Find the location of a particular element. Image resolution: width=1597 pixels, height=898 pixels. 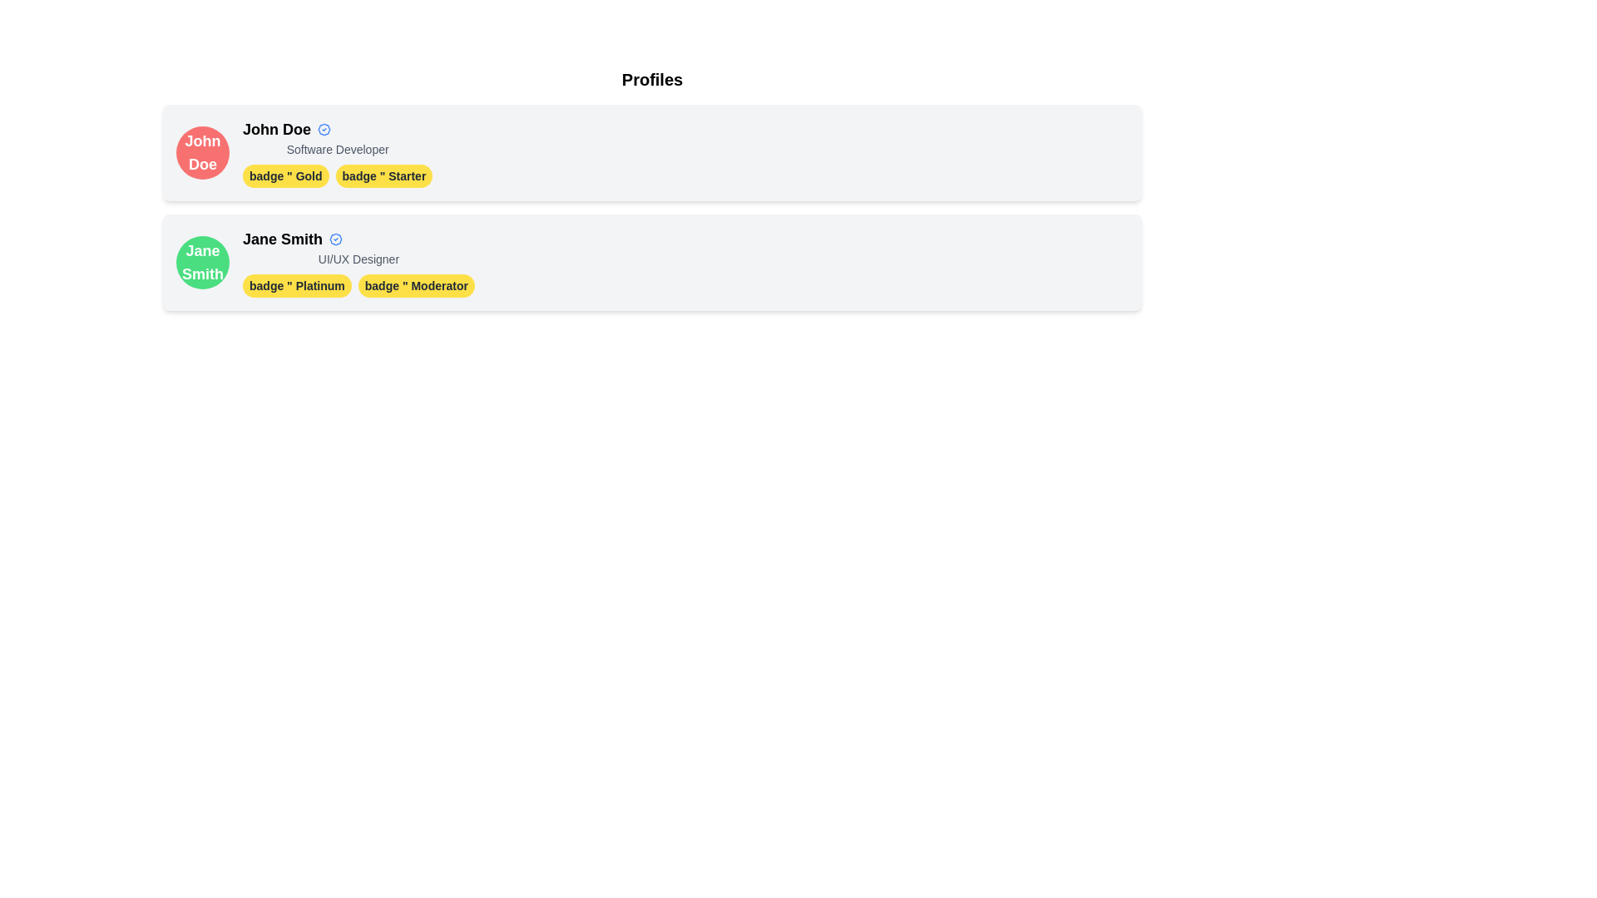

the 'Platinum' badge indicating the status of 'Jane Smith' in the profile information, which is the first badge in the second row of displayed profiles is located at coordinates (297, 284).